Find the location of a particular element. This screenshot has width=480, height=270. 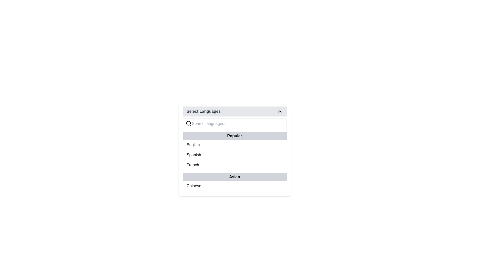

the first list item labeled 'English' under the 'Popular' section is located at coordinates (234, 145).